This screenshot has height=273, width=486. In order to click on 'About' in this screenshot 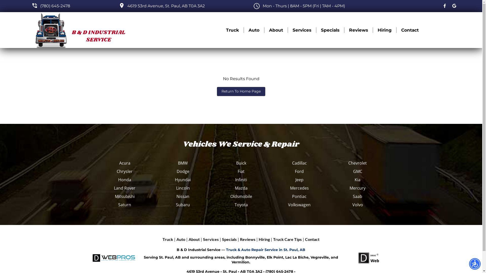, I will do `click(194, 239)`.